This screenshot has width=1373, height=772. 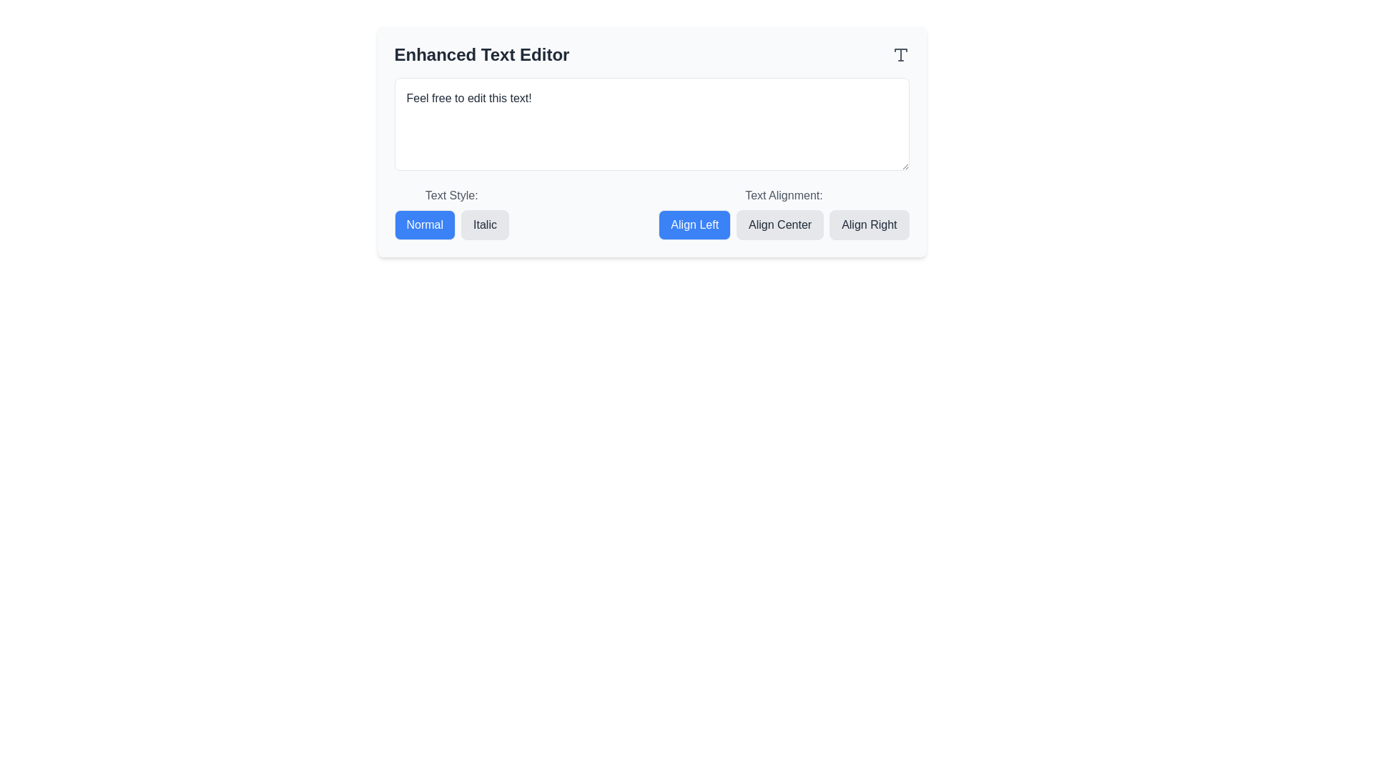 What do you see at coordinates (900, 54) in the screenshot?
I see `the 'T' icon in dark gray located at the top-right corner of the 'Enhanced Text Editor' header area` at bounding box center [900, 54].